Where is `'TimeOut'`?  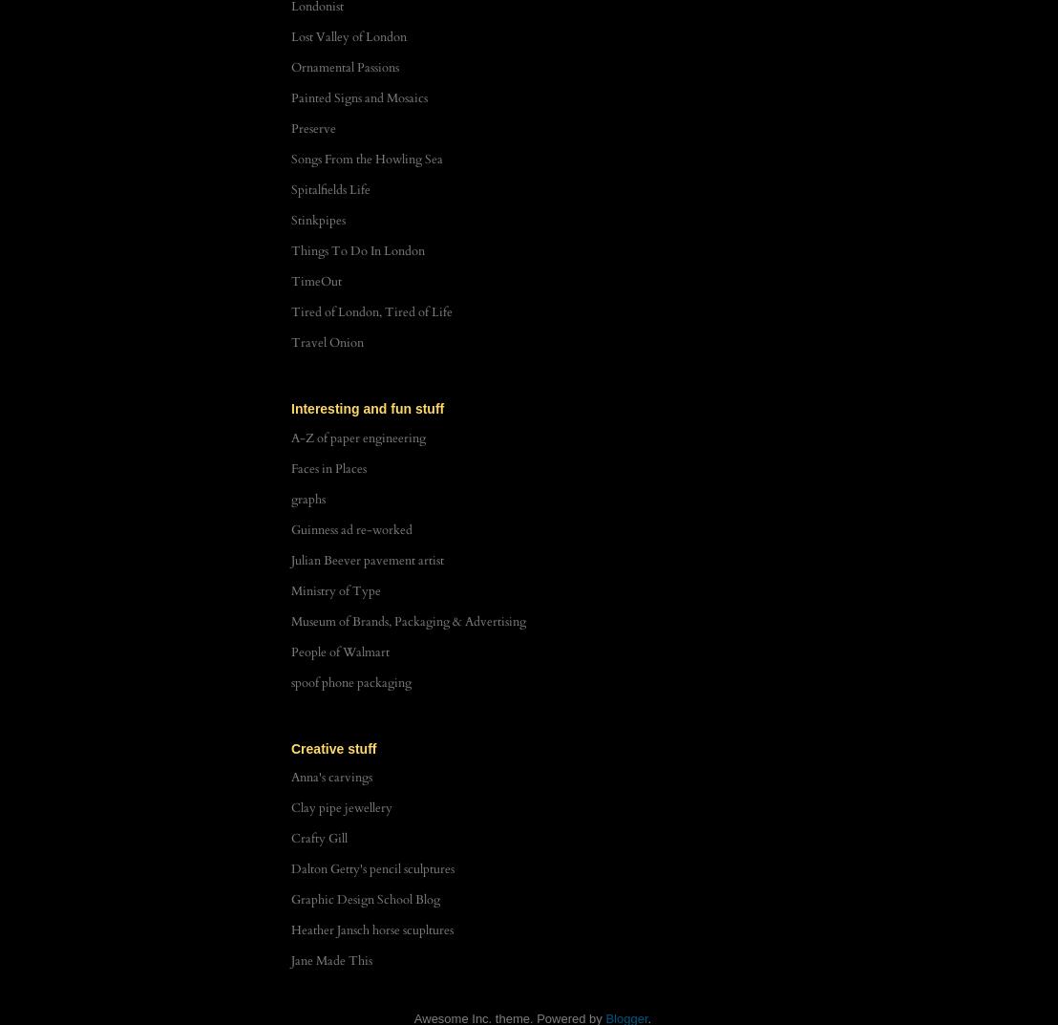 'TimeOut' is located at coordinates (315, 280).